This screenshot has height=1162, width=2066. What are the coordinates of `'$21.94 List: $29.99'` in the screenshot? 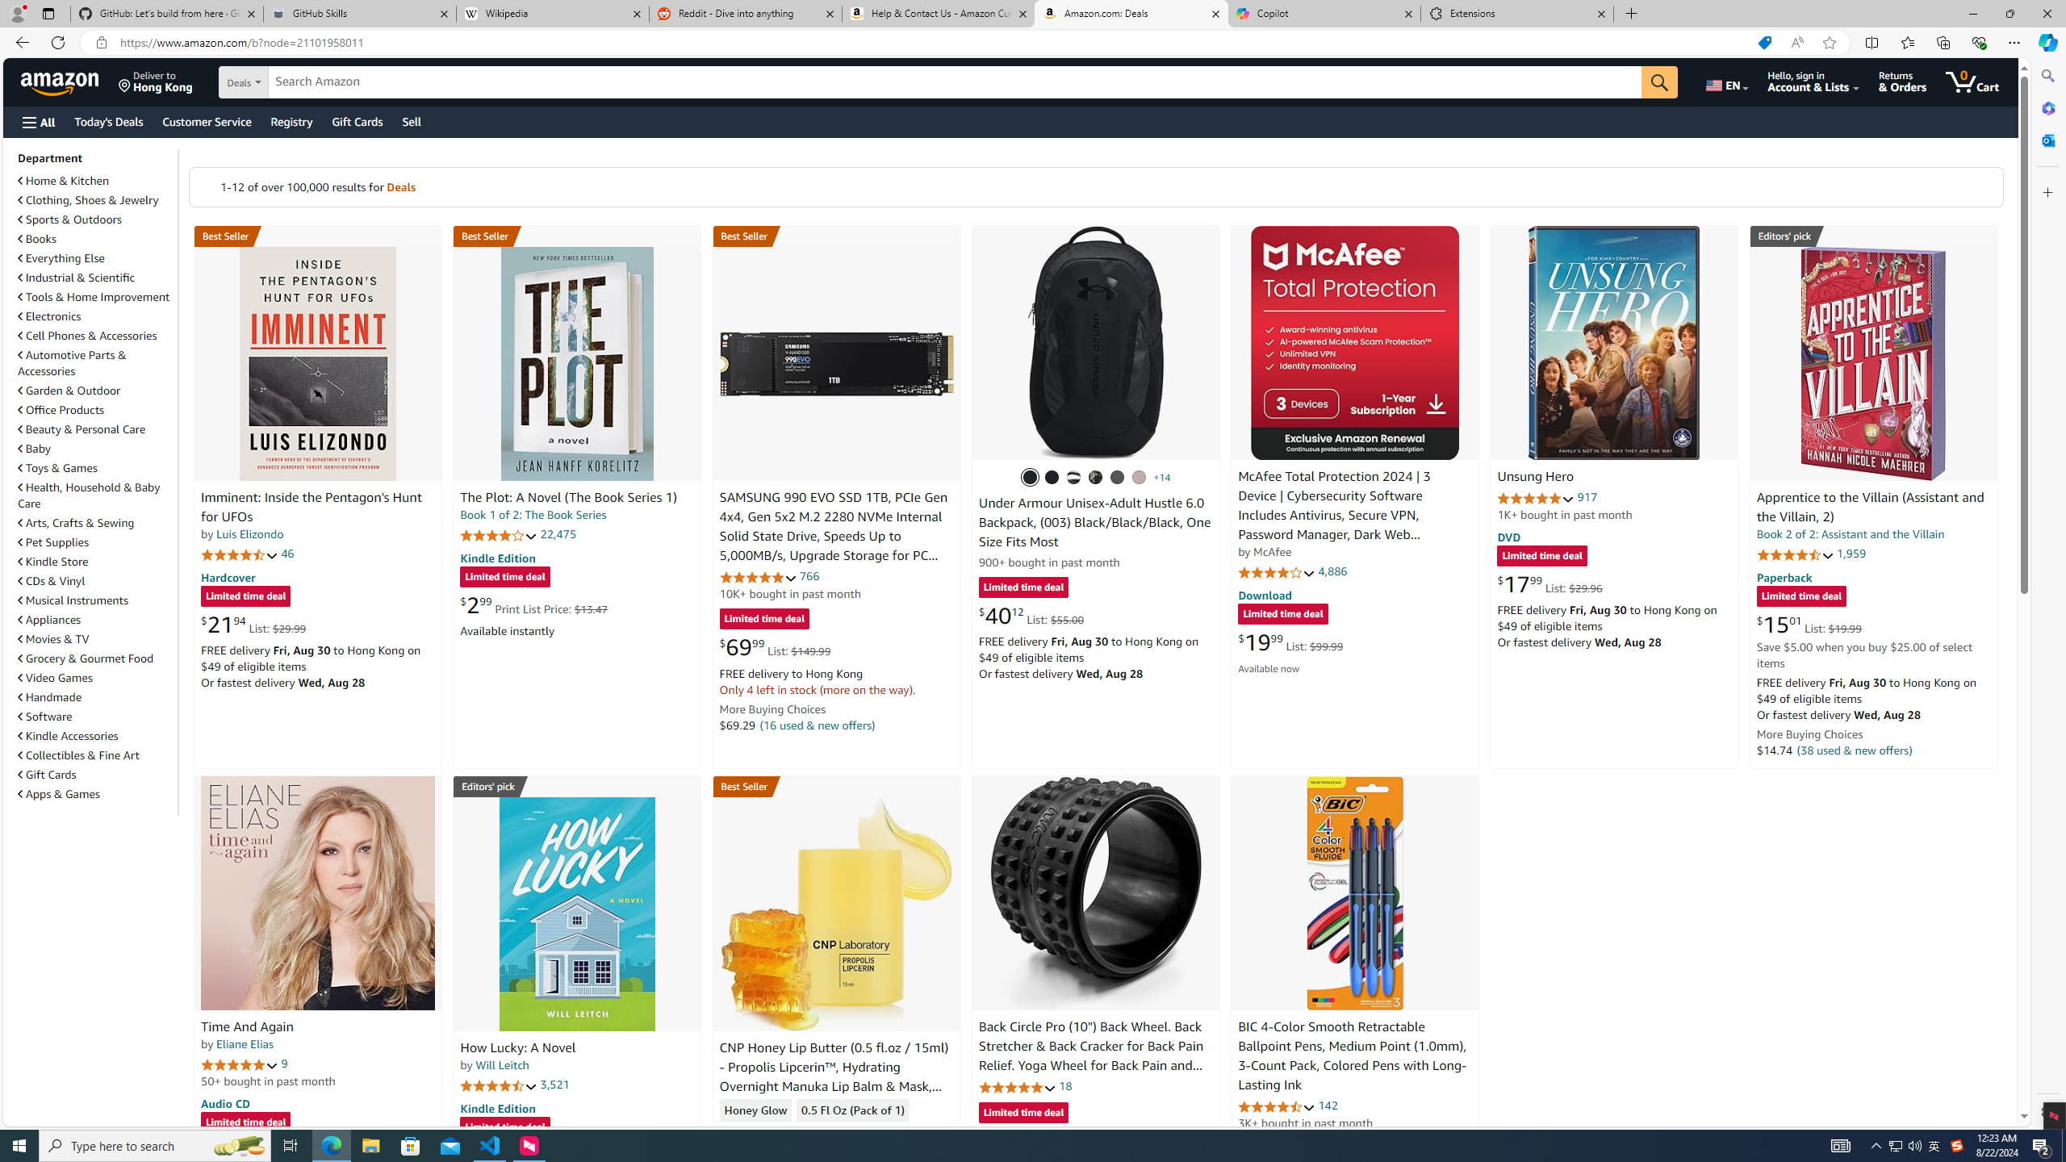 It's located at (253, 624).